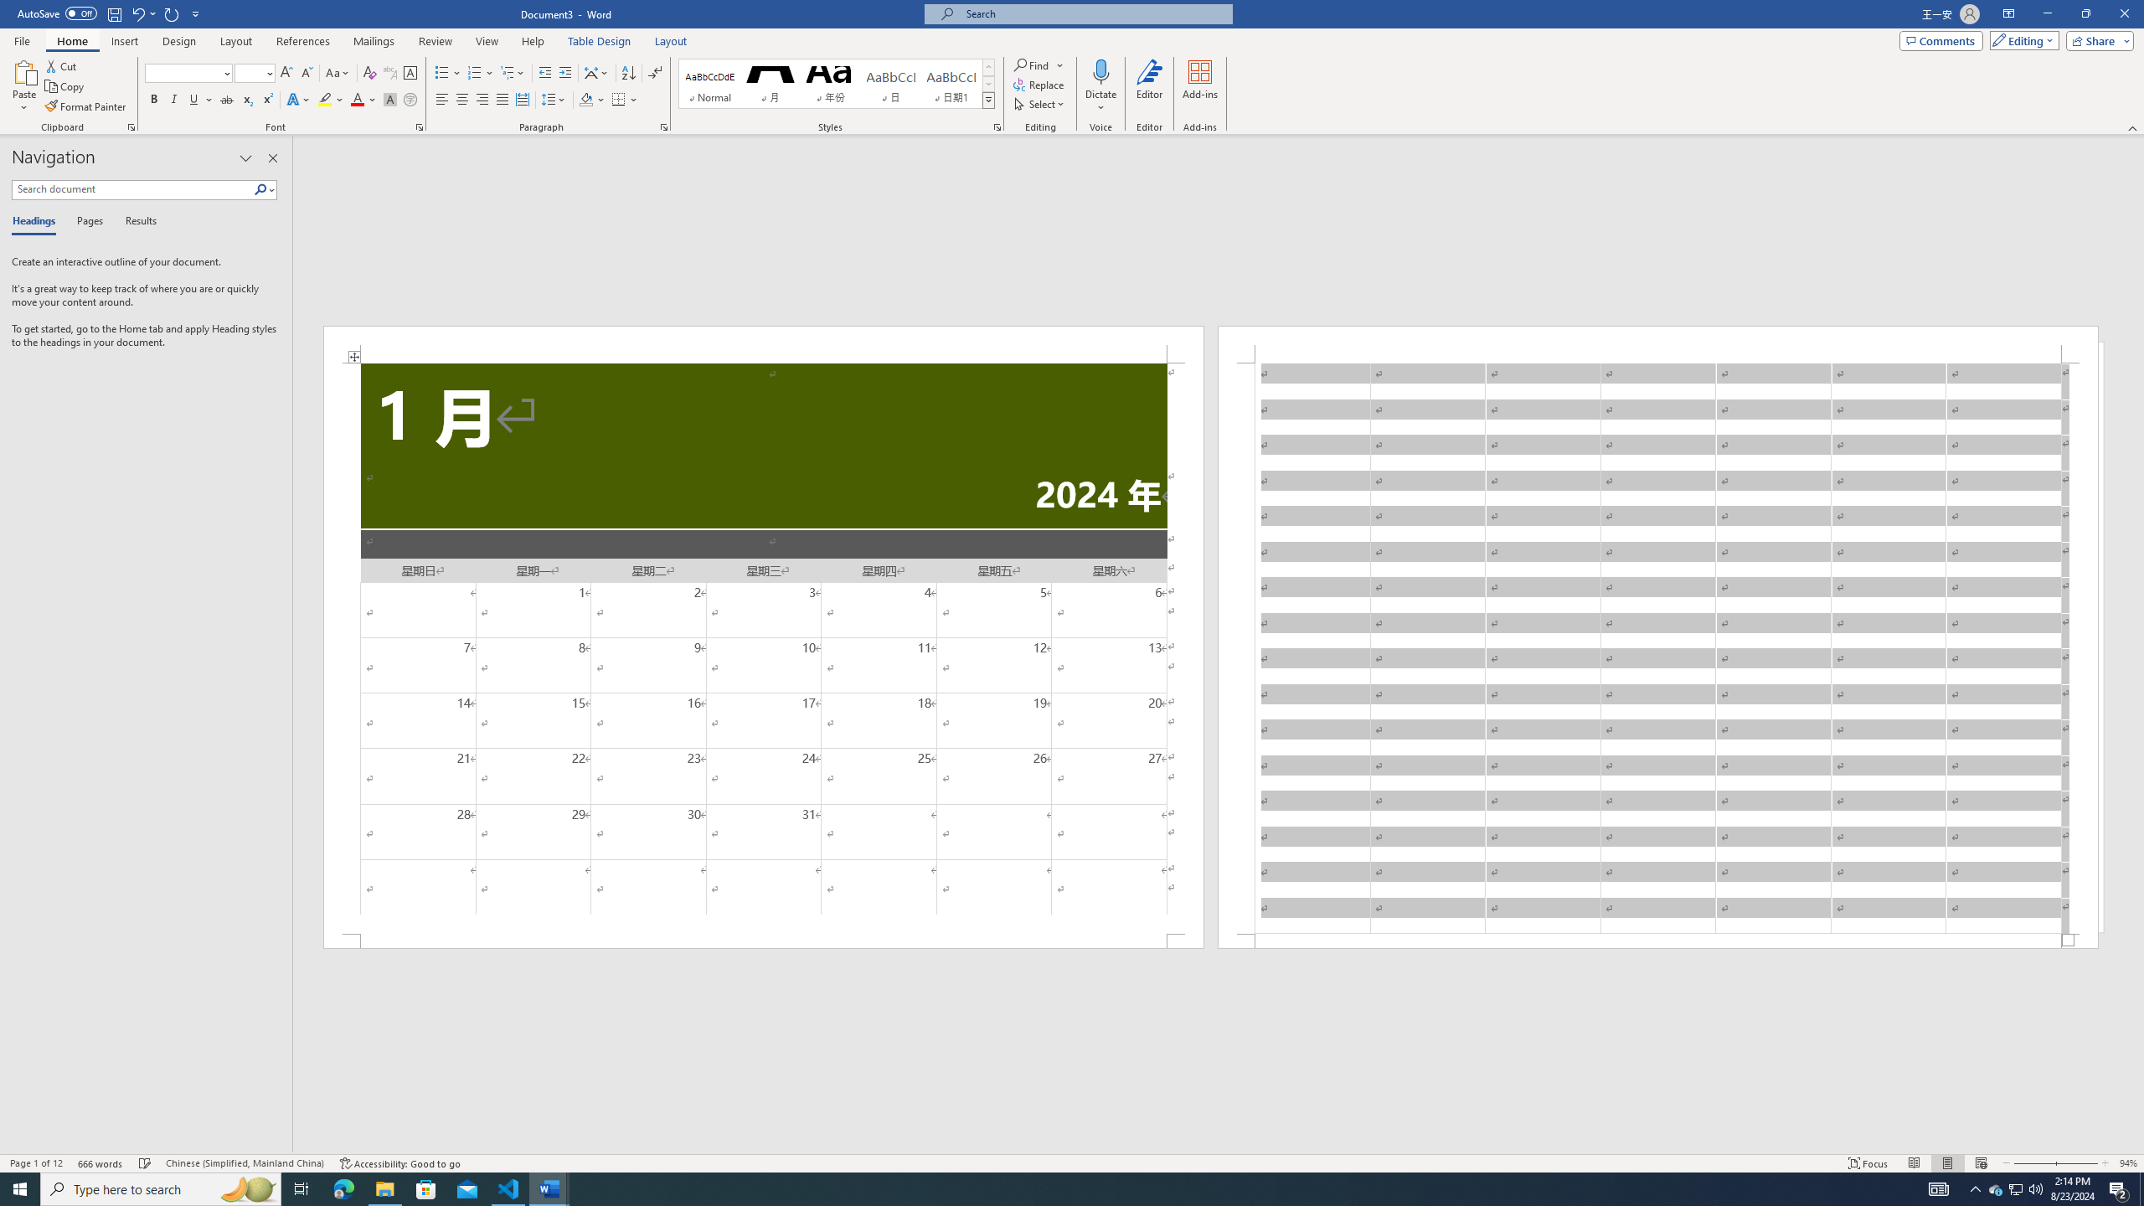  Describe the element at coordinates (2007, 13) in the screenshot. I see `'Ribbon Display Options'` at that location.